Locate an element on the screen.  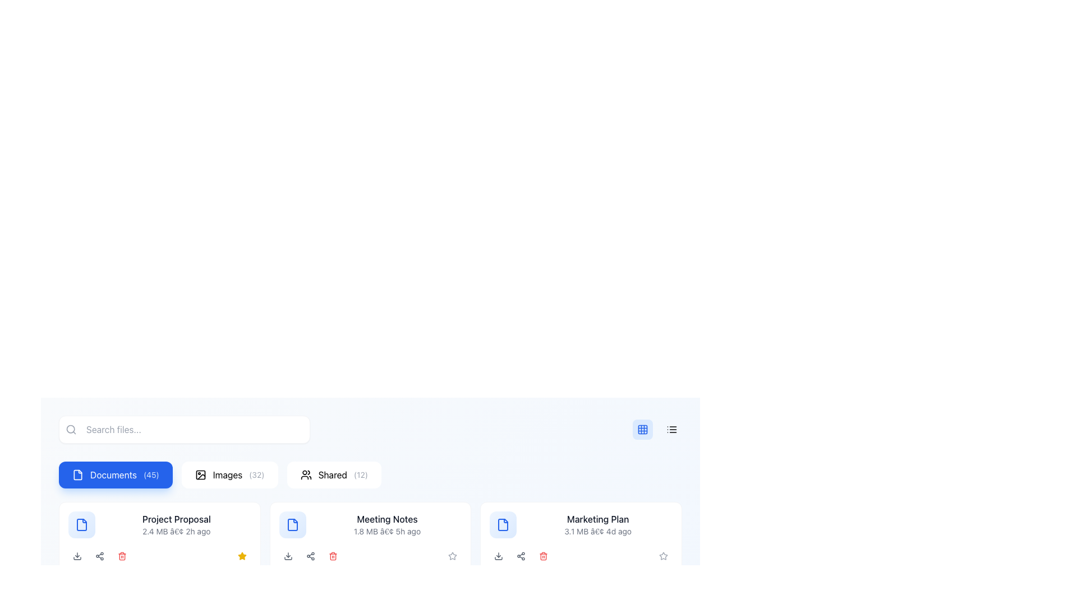
the star-shaped icon button located at the far-right side of the third card is located at coordinates (663, 556).